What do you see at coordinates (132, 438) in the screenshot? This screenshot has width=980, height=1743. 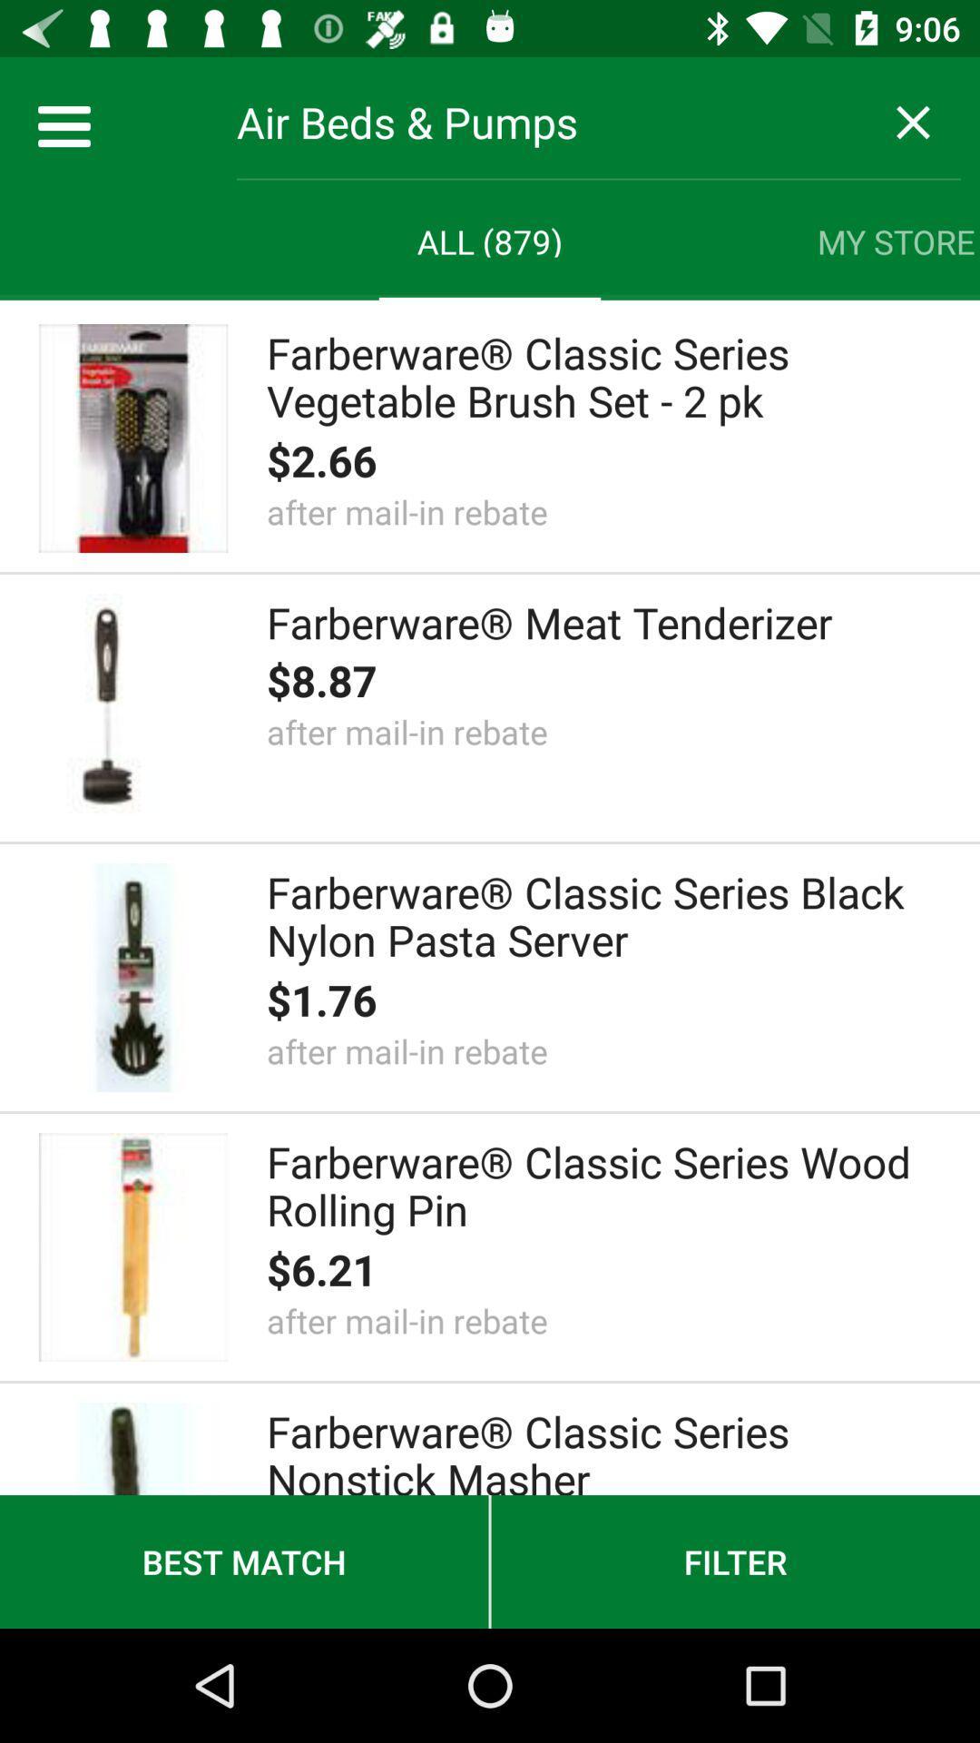 I see `the first image` at bounding box center [132, 438].